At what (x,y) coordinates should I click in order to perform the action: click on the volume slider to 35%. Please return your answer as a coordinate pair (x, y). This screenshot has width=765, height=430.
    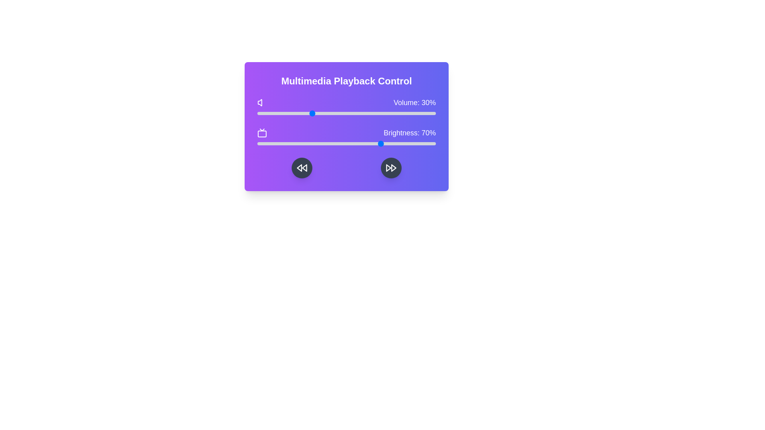
    Looking at the image, I should click on (320, 113).